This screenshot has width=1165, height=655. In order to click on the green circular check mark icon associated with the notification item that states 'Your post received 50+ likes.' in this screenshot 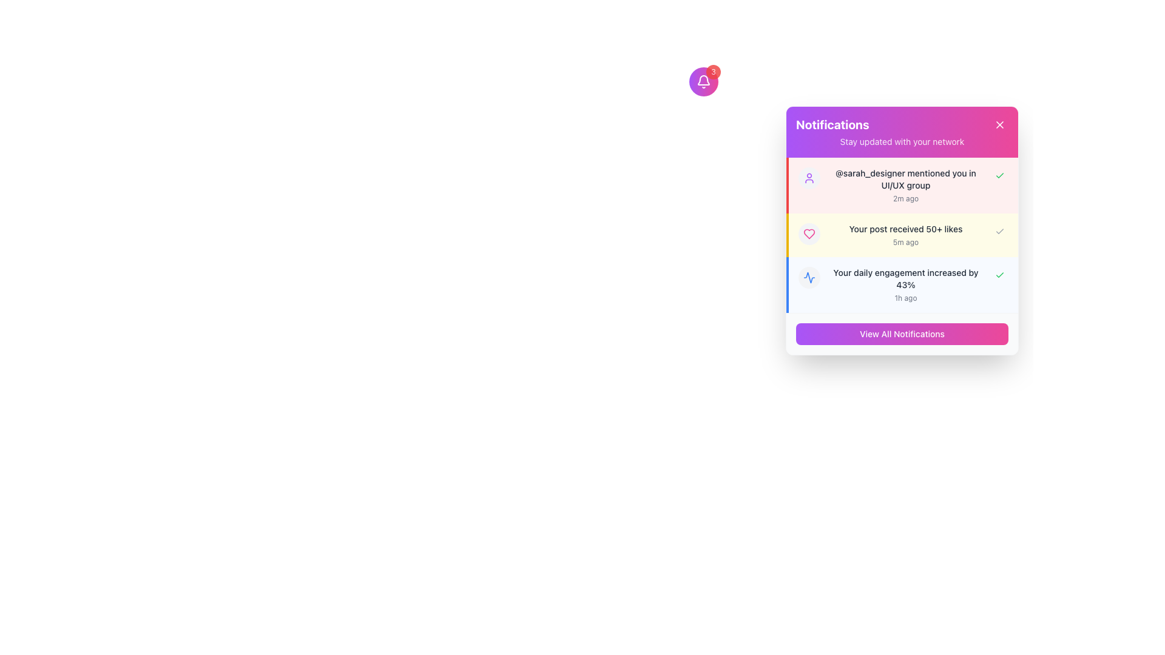, I will do `click(902, 235)`.